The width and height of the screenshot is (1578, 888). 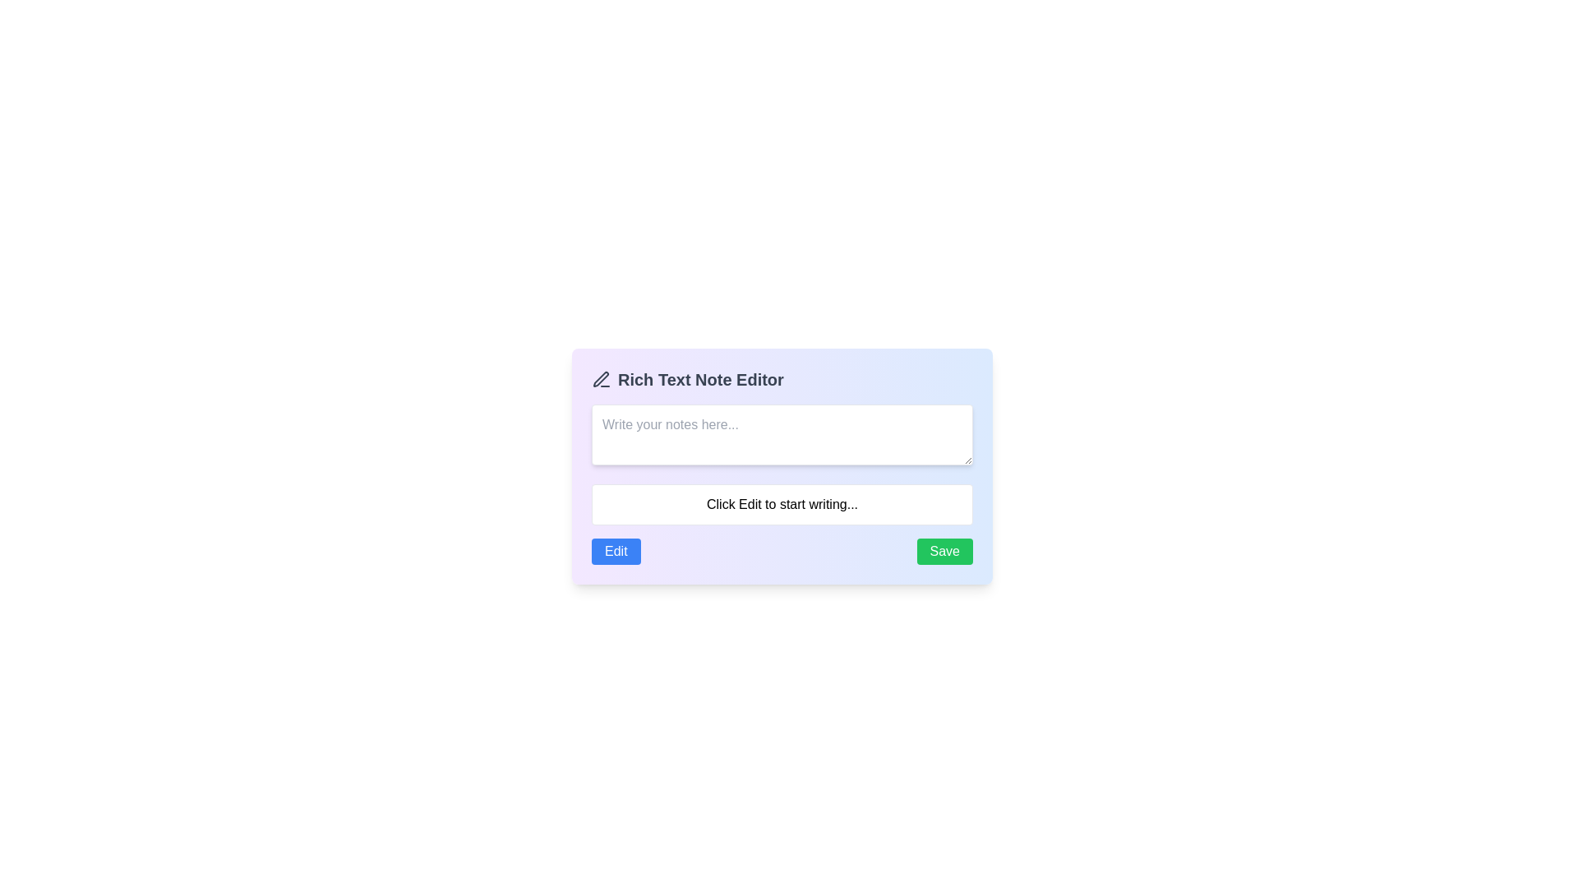 I want to click on the pen icon, which is a thin outlined black icon located adjacent to the 'Rich Text Note Editor' text, so click(x=600, y=380).